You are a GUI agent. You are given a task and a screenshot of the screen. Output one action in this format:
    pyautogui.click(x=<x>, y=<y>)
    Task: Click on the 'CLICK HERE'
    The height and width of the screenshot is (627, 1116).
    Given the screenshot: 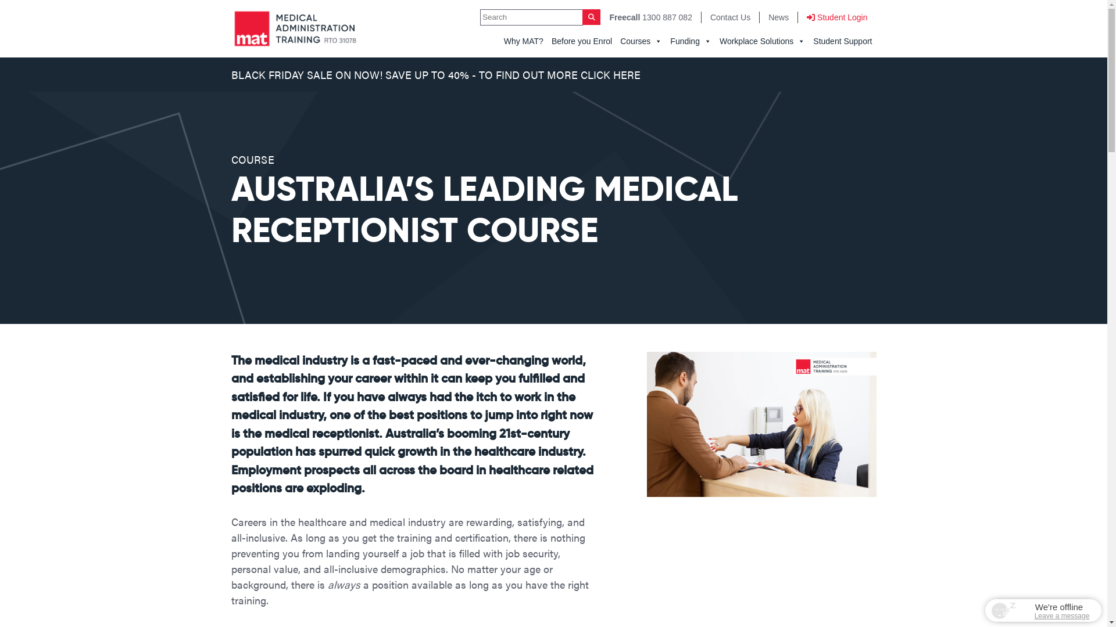 What is the action you would take?
    pyautogui.click(x=609, y=74)
    